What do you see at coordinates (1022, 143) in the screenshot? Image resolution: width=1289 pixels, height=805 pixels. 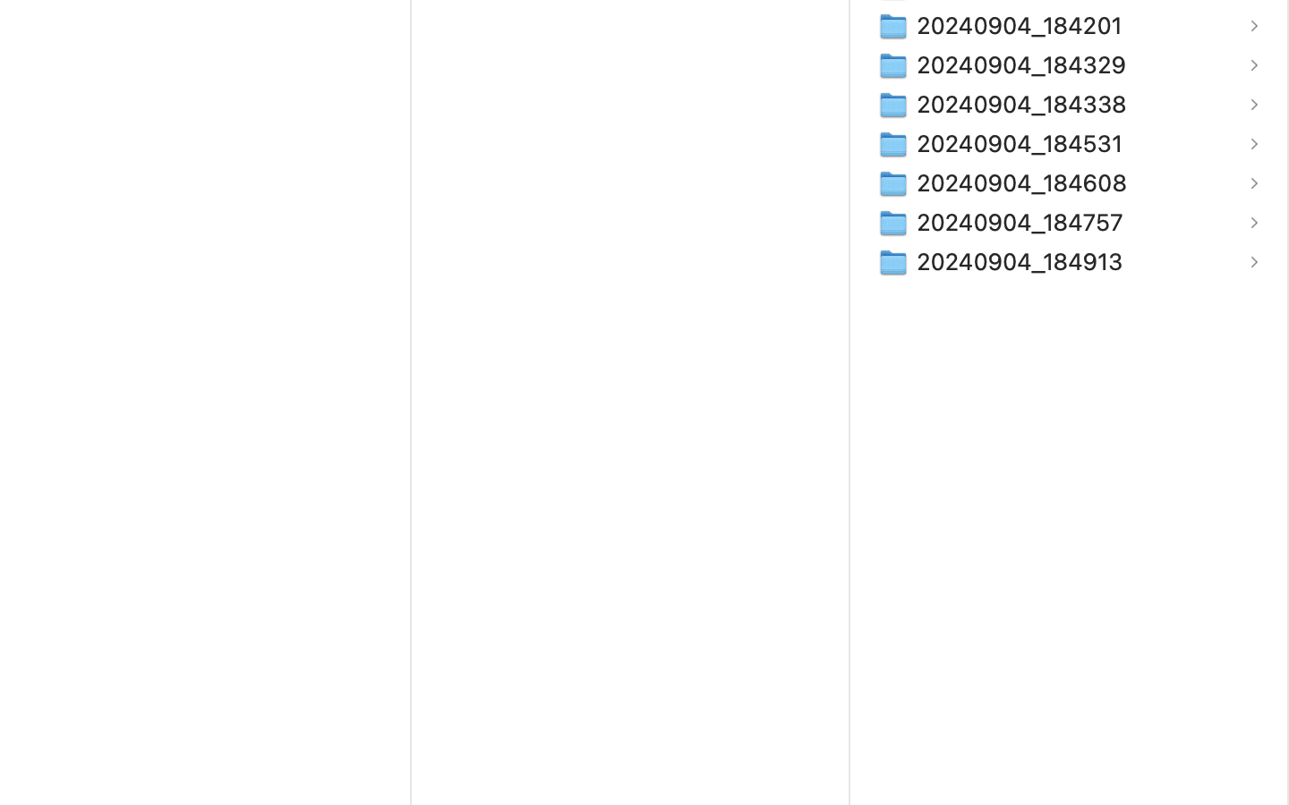 I see `'20240904_184531'` at bounding box center [1022, 143].